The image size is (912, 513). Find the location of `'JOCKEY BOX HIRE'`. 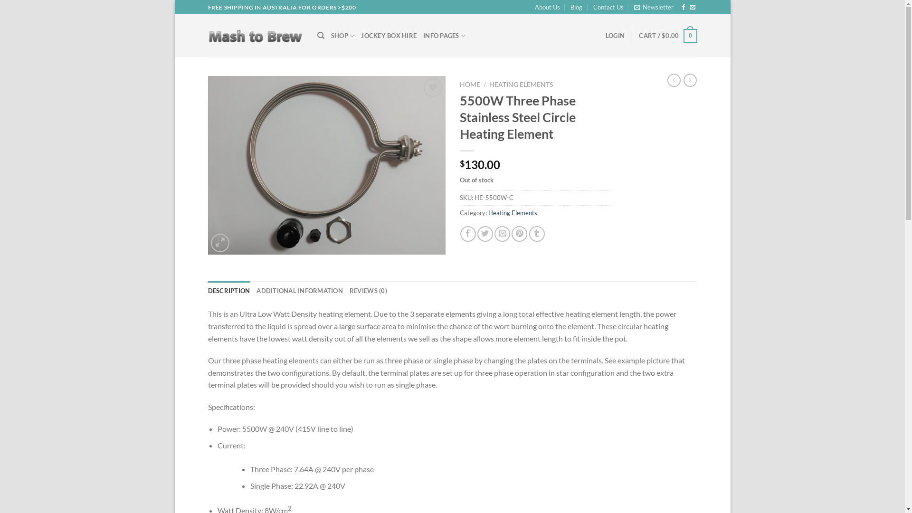

'JOCKEY BOX HIRE' is located at coordinates (389, 35).